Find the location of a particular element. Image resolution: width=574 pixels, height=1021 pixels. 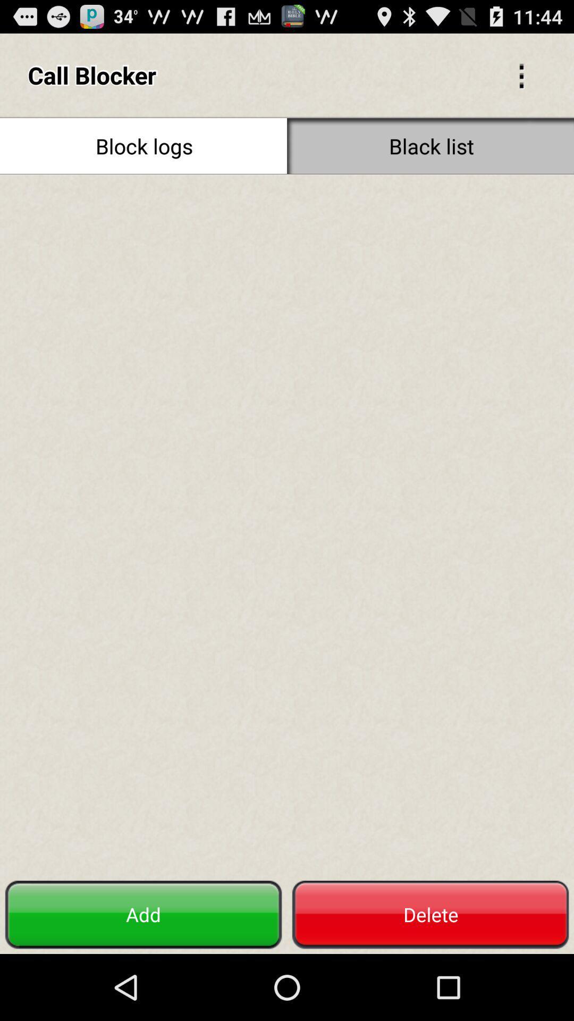

the icon to the left of the delete is located at coordinates (143, 914).